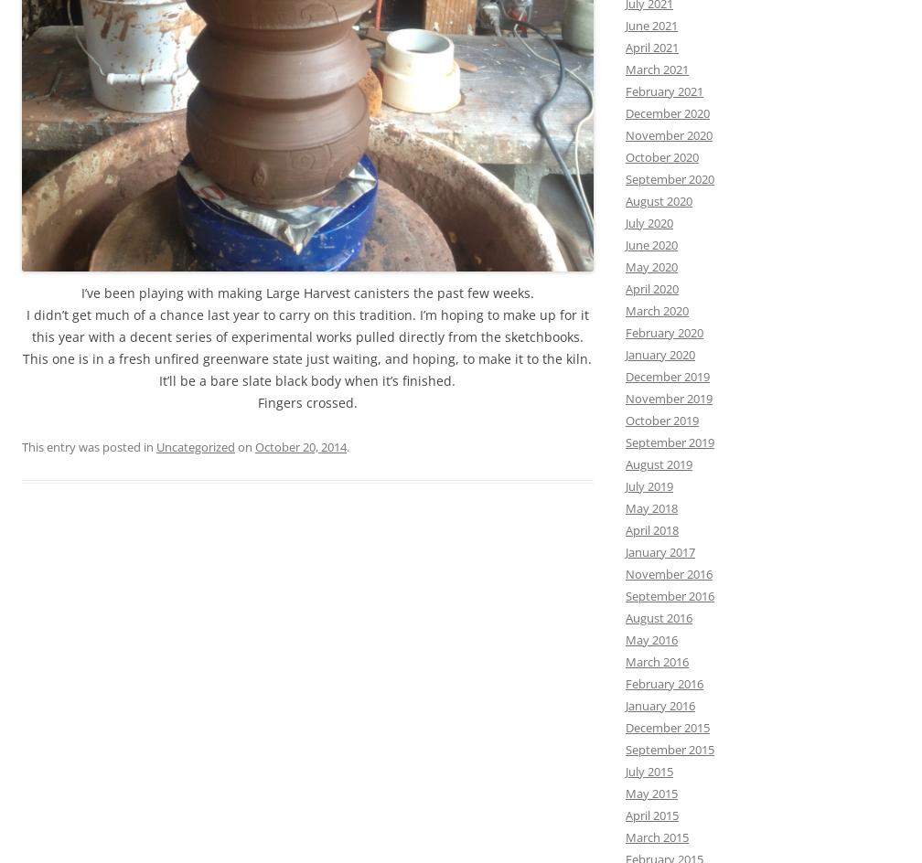 The height and width of the screenshot is (863, 922). Describe the element at coordinates (245, 446) in the screenshot. I see `'on'` at that location.